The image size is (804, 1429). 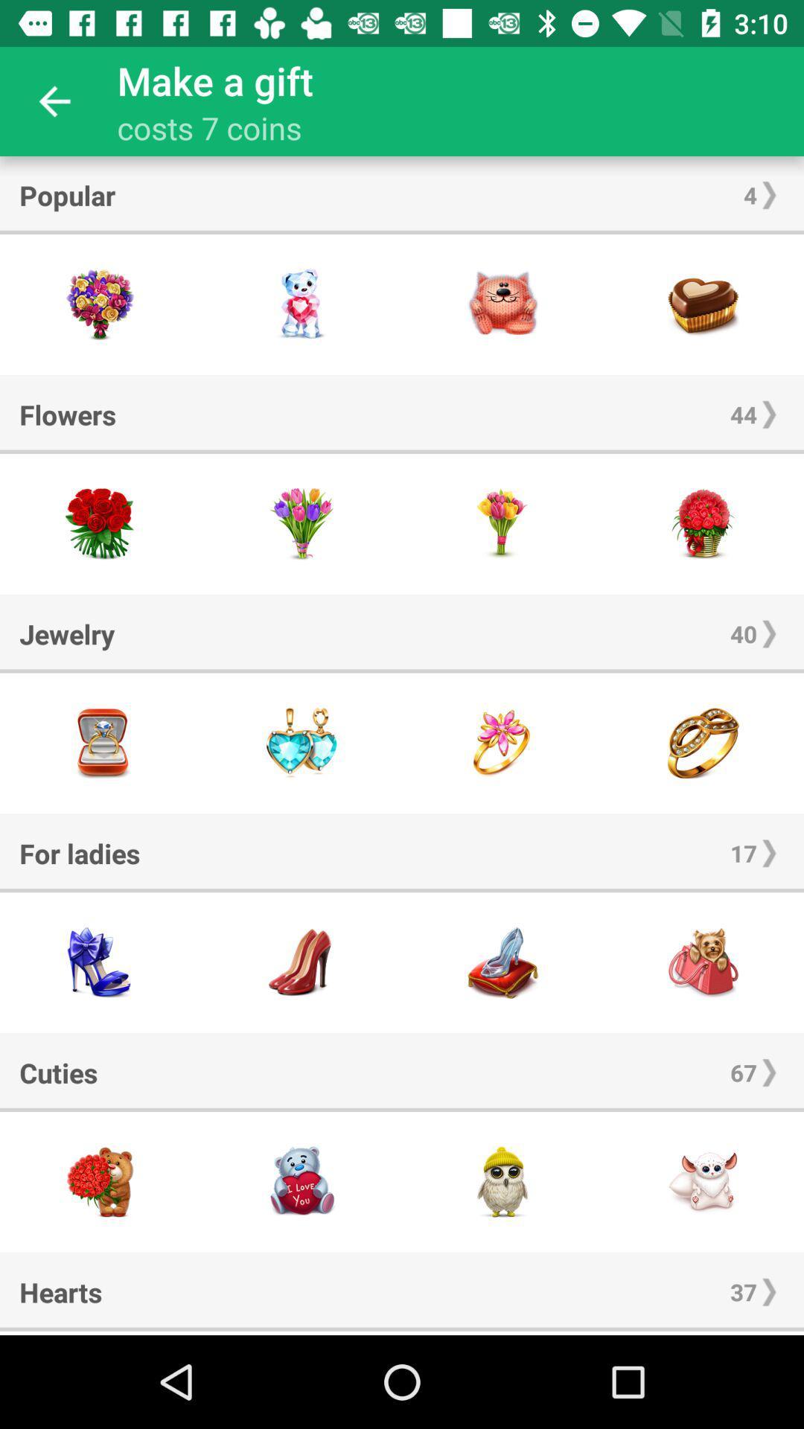 What do you see at coordinates (502, 524) in the screenshot?
I see `the gift option` at bounding box center [502, 524].